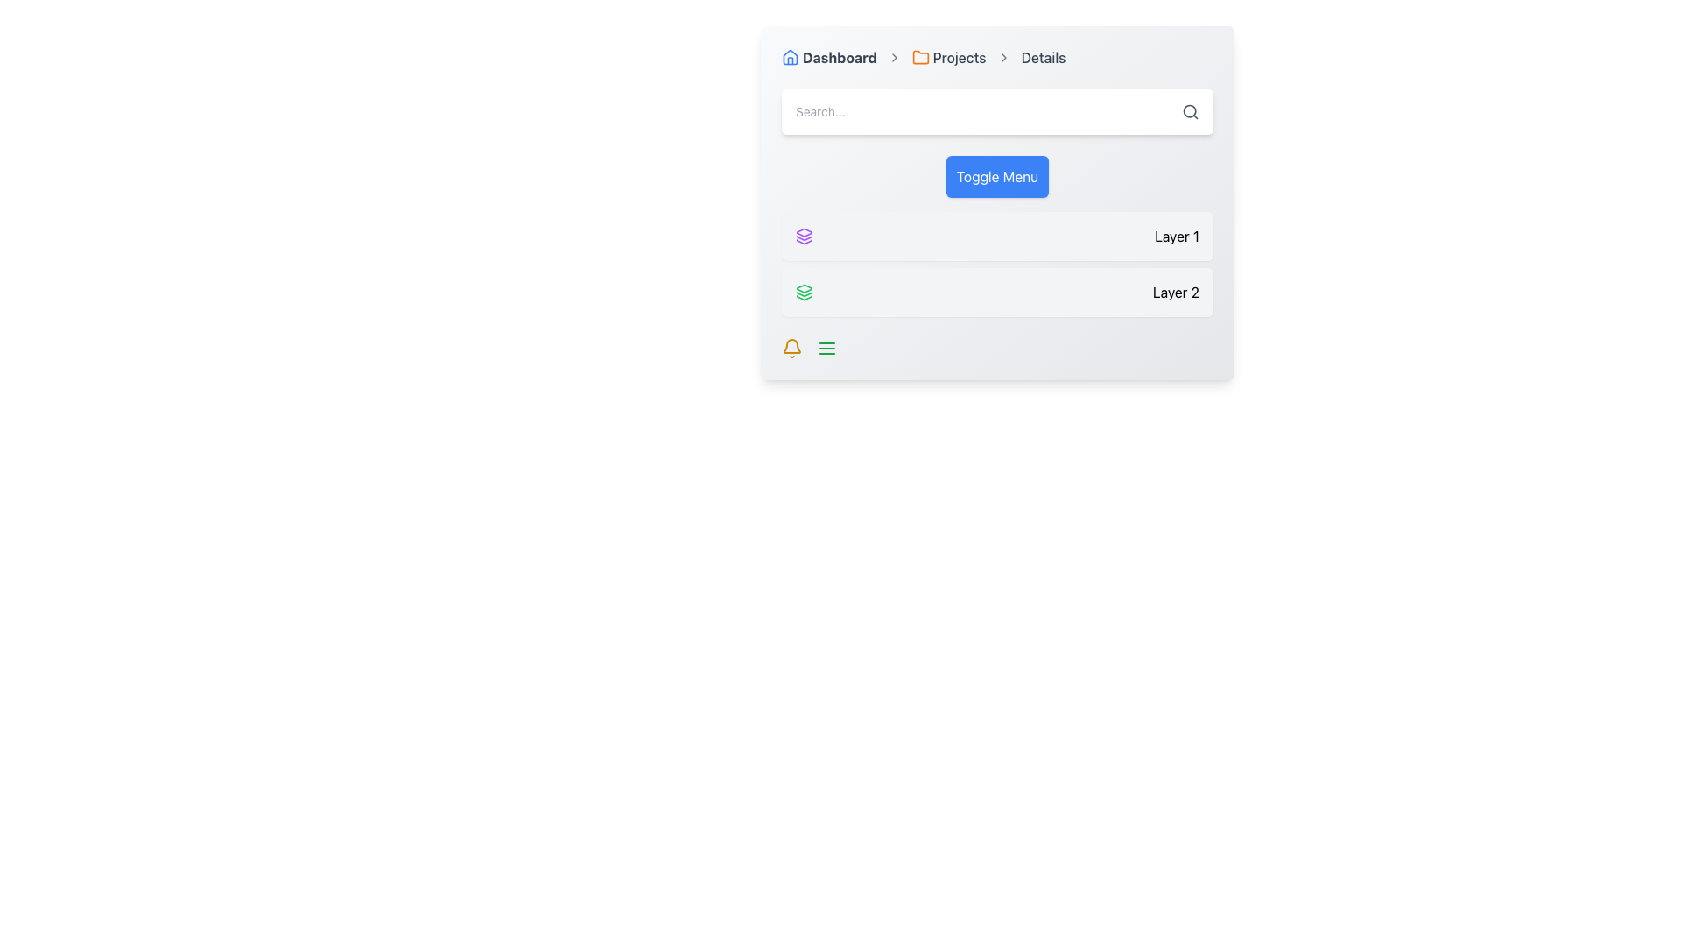  Describe the element at coordinates (803, 236) in the screenshot. I see `the icon styled as a stack of layers, which is purple filled and outlined in a circular format, located to the left of the 'Layer 1' label` at that location.